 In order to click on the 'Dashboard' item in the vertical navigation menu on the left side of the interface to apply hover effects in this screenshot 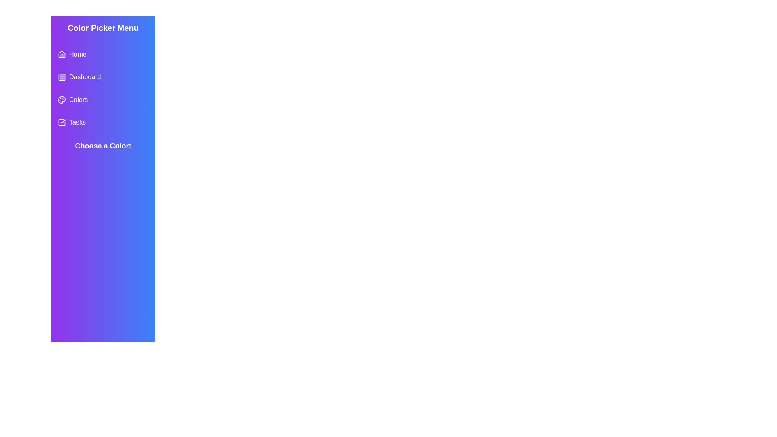, I will do `click(102, 77)`.